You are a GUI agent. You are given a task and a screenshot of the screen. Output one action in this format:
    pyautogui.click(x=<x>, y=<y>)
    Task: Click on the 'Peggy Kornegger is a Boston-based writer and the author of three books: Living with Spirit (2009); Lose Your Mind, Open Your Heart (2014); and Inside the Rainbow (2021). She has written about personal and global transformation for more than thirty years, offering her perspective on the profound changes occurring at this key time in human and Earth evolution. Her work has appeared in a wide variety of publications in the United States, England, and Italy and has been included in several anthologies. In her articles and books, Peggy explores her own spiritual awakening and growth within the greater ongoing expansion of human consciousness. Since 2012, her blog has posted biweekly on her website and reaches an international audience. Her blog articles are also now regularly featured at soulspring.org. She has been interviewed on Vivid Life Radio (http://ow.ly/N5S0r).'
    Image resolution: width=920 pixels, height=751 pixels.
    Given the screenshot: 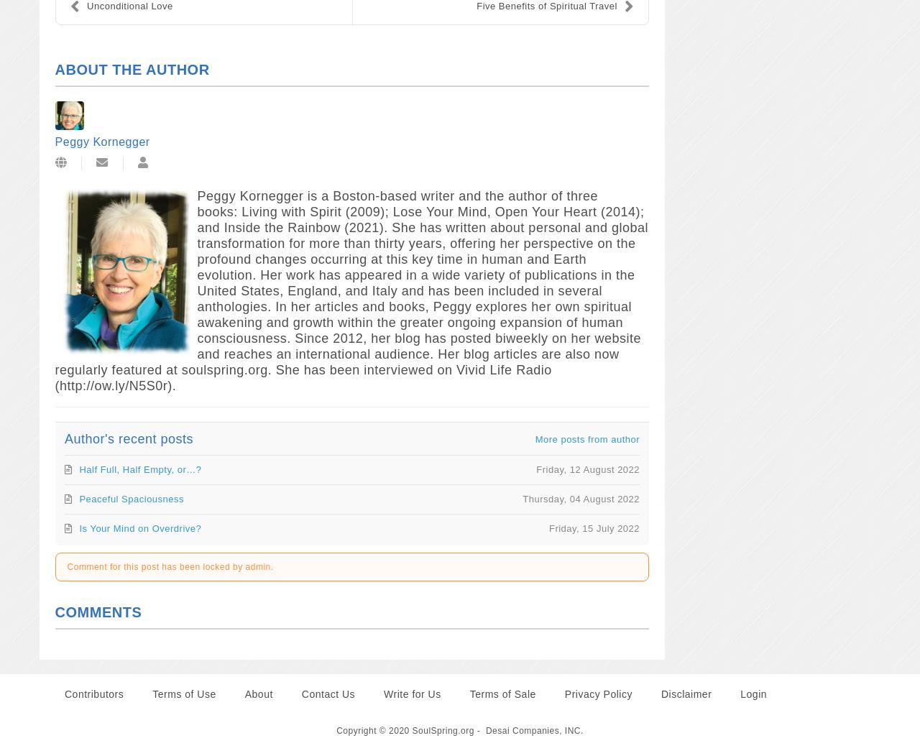 What is the action you would take?
    pyautogui.click(x=351, y=290)
    